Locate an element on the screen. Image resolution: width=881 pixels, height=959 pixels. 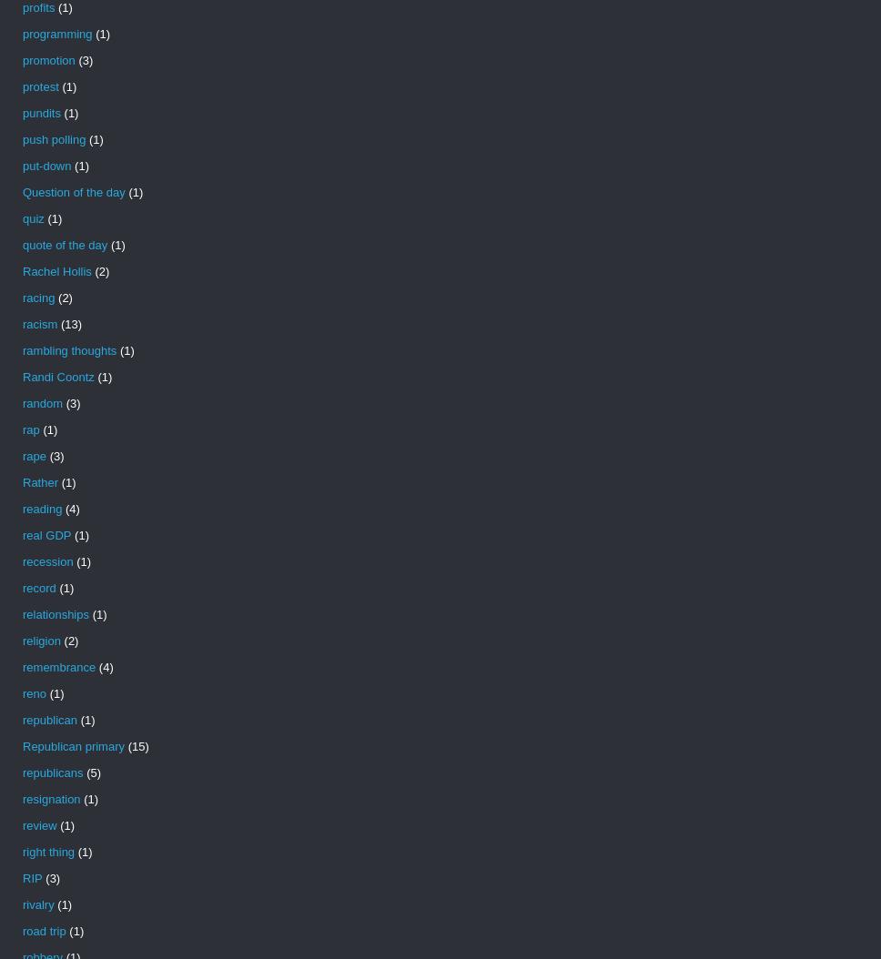
'Rachel Hollis' is located at coordinates (56, 270).